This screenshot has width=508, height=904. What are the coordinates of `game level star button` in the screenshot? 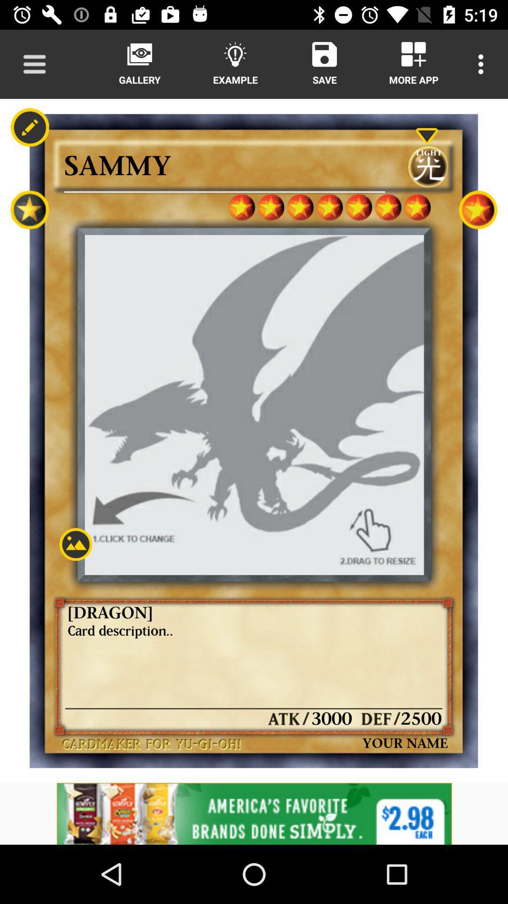 It's located at (478, 209).